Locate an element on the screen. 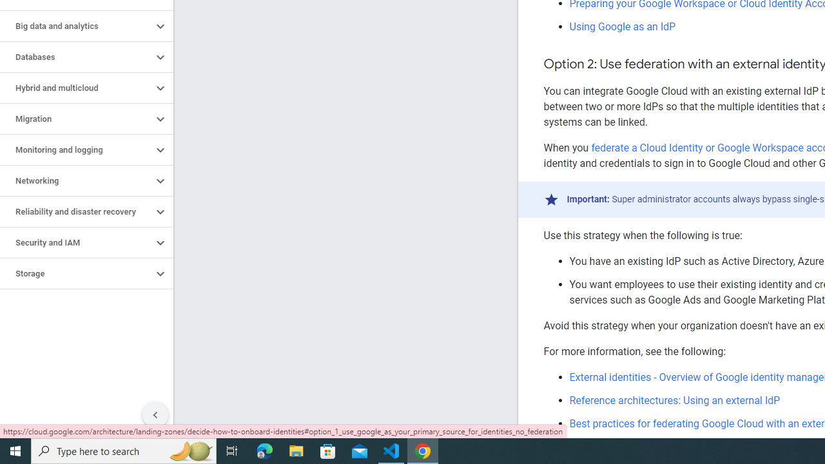 The width and height of the screenshot is (825, 464). 'Databases' is located at coordinates (75, 56).